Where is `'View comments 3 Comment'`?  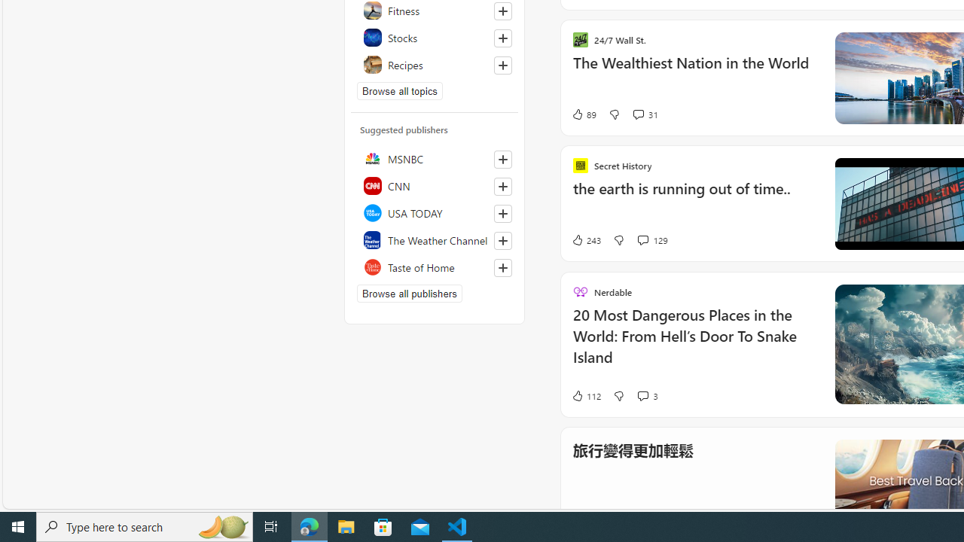 'View comments 3 Comment' is located at coordinates (642, 394).